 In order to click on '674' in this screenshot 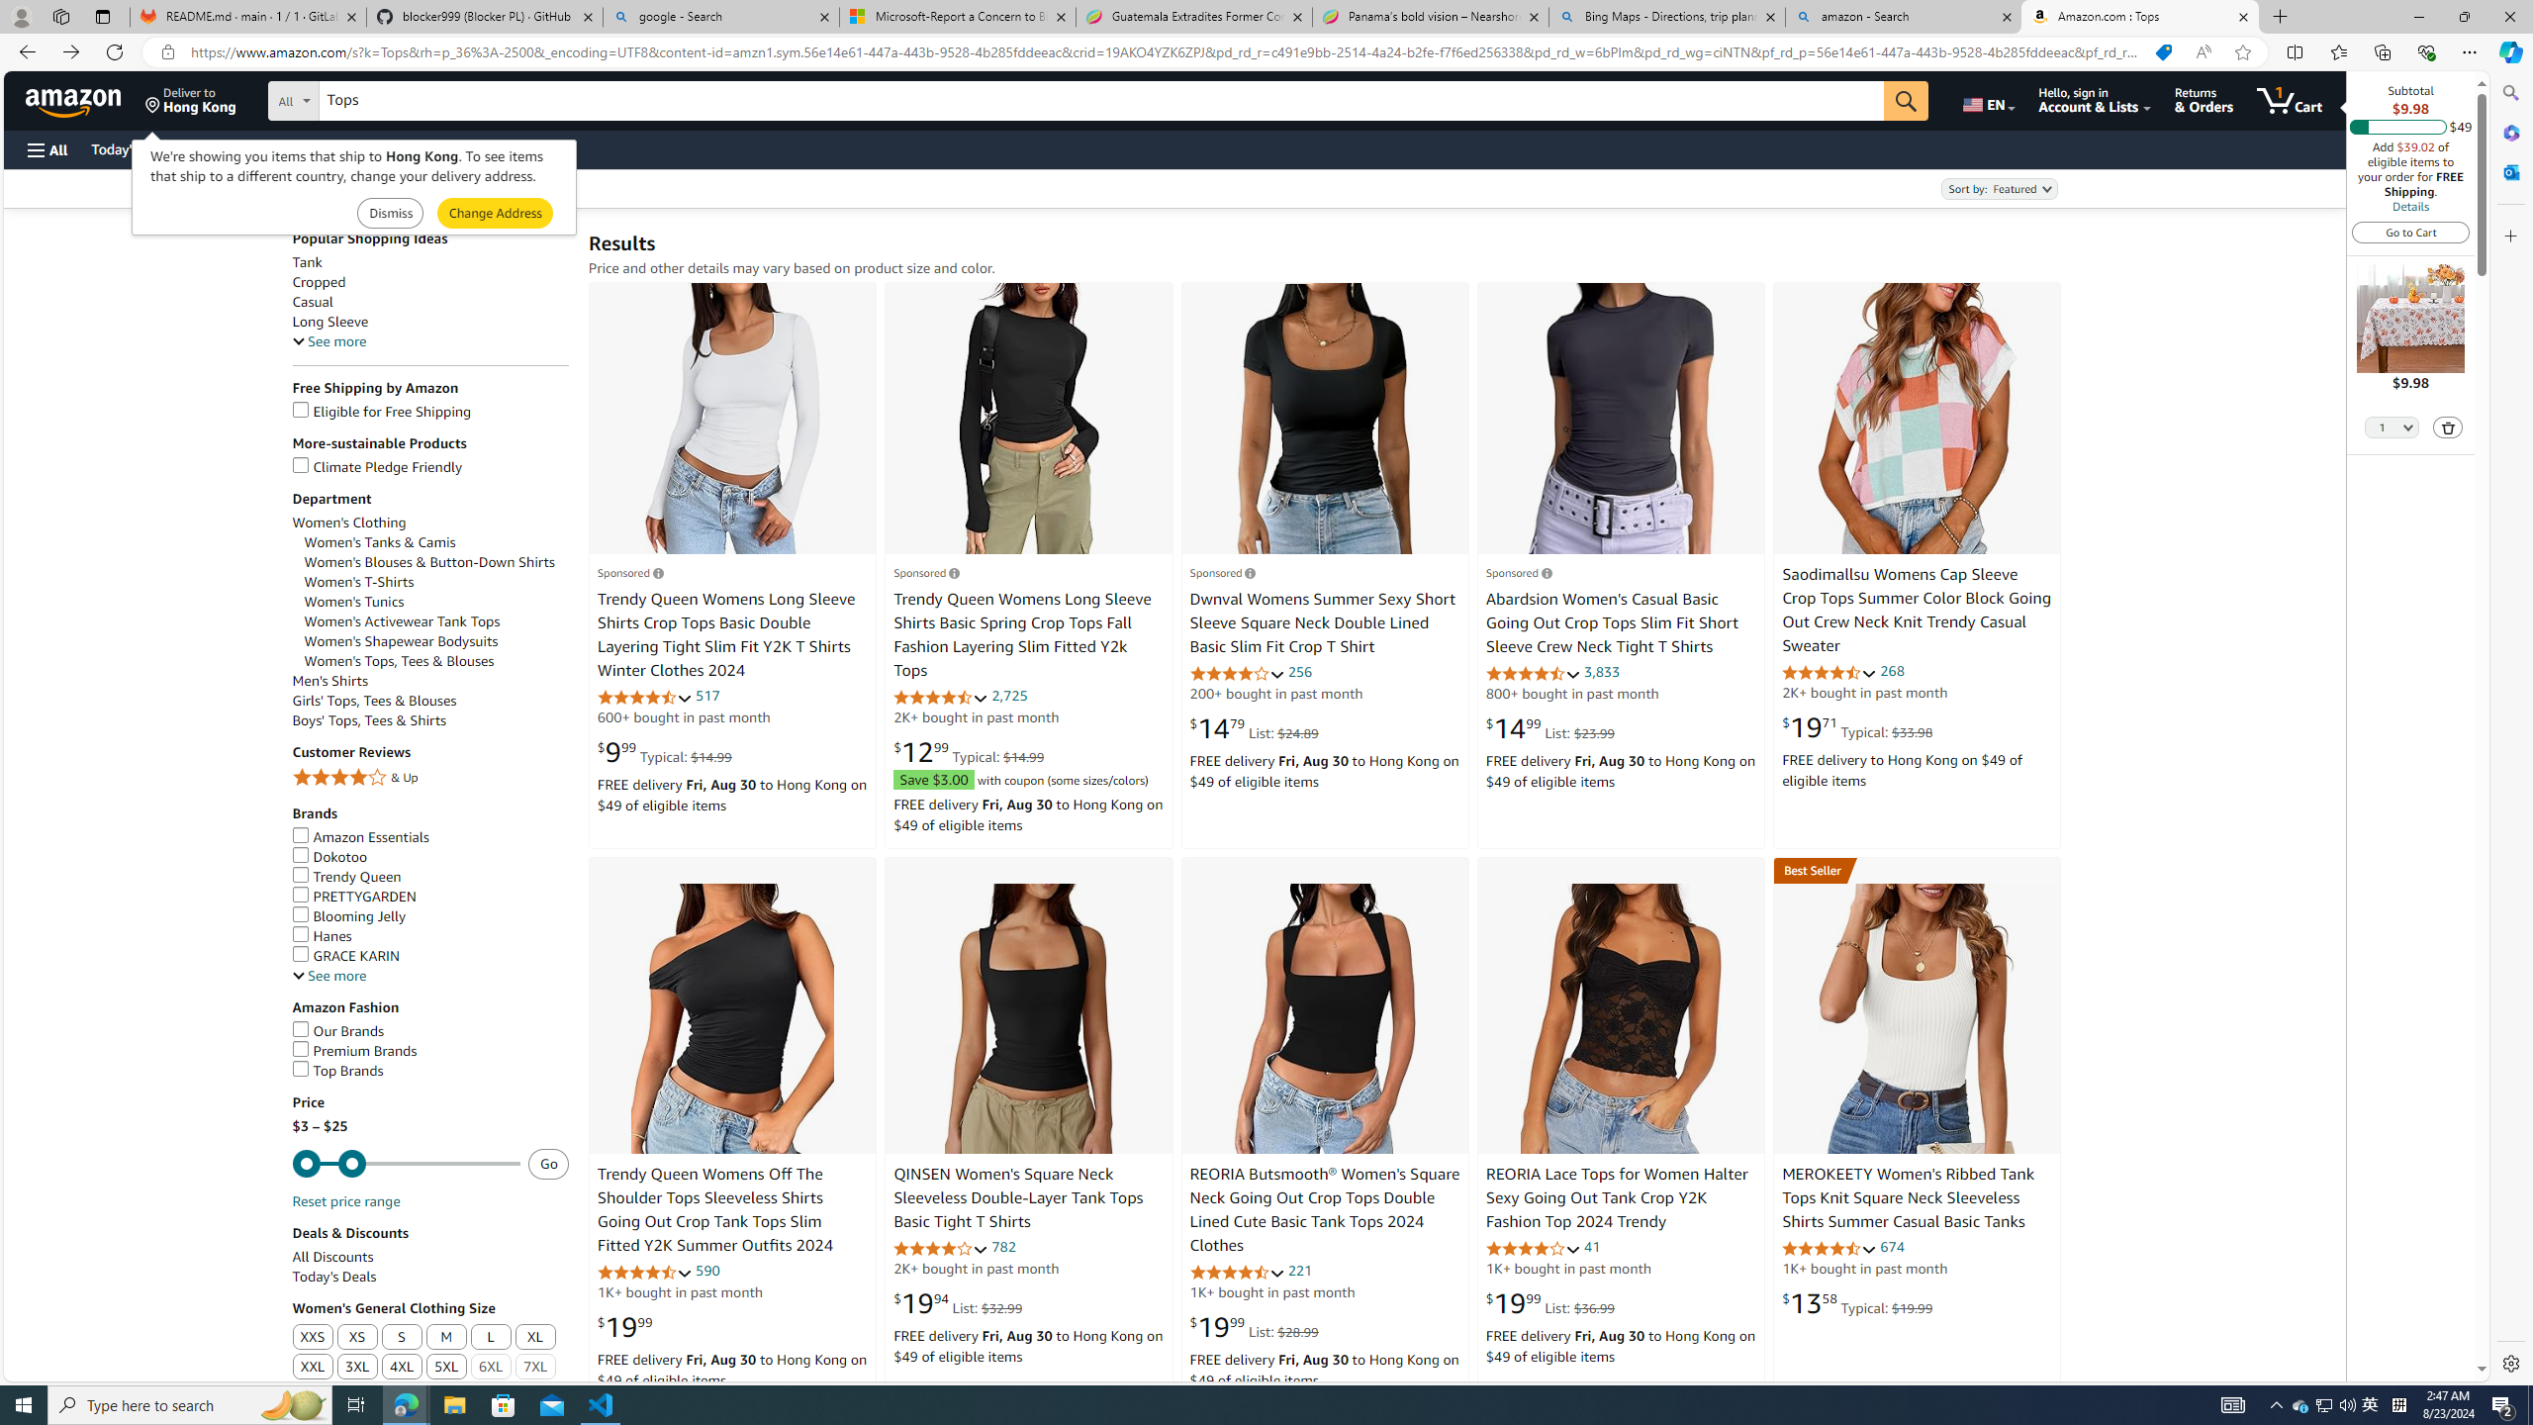, I will do `click(1891, 1247)`.